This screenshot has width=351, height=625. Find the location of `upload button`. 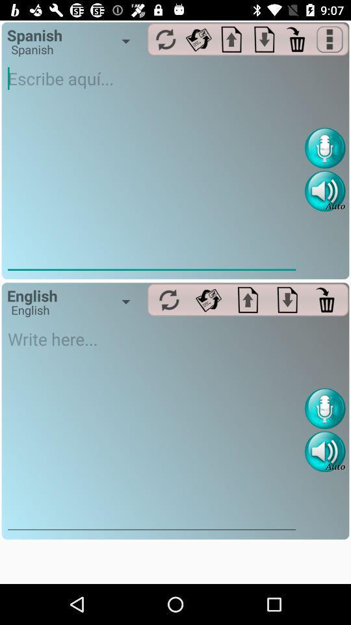

upload button is located at coordinates (248, 299).